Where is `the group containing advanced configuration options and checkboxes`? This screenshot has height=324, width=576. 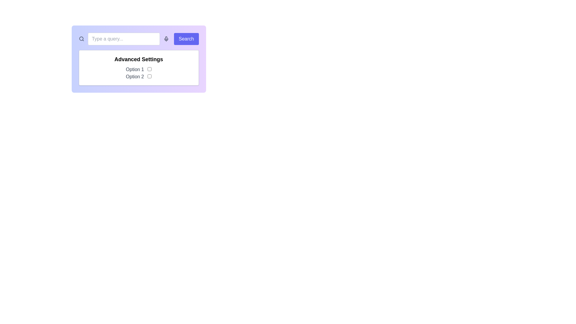 the group containing advanced configuration options and checkboxes is located at coordinates (138, 67).